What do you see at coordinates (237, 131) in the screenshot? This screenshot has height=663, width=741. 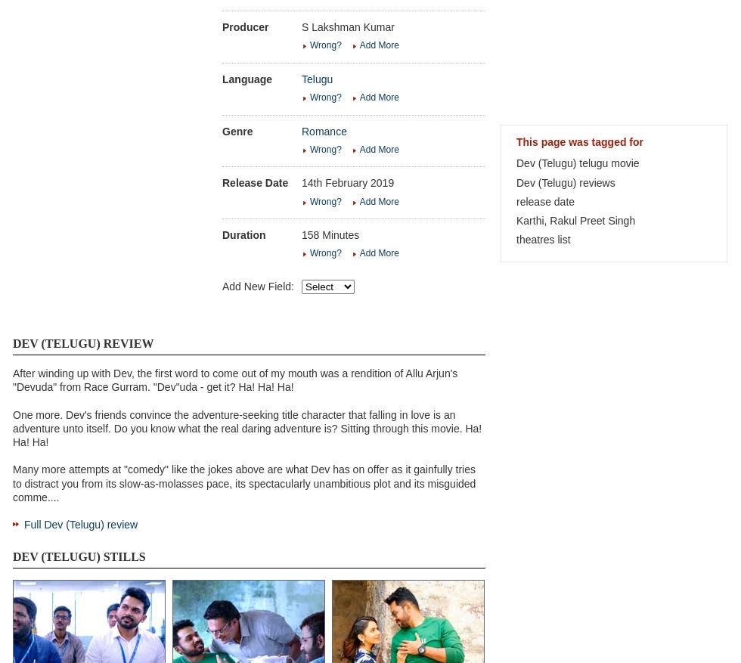 I see `'Genre'` at bounding box center [237, 131].